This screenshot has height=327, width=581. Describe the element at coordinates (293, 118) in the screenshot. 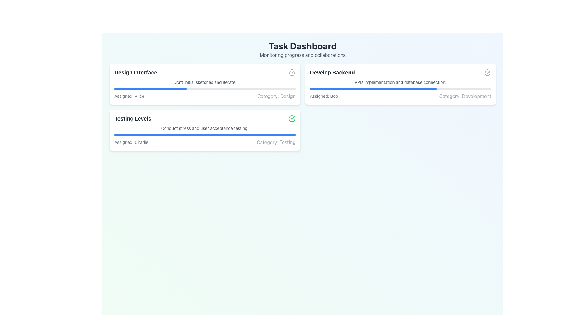

I see `the green checkmark icon located in the 'Testing Levels' card, positioned adjacent to the progress bar` at that location.